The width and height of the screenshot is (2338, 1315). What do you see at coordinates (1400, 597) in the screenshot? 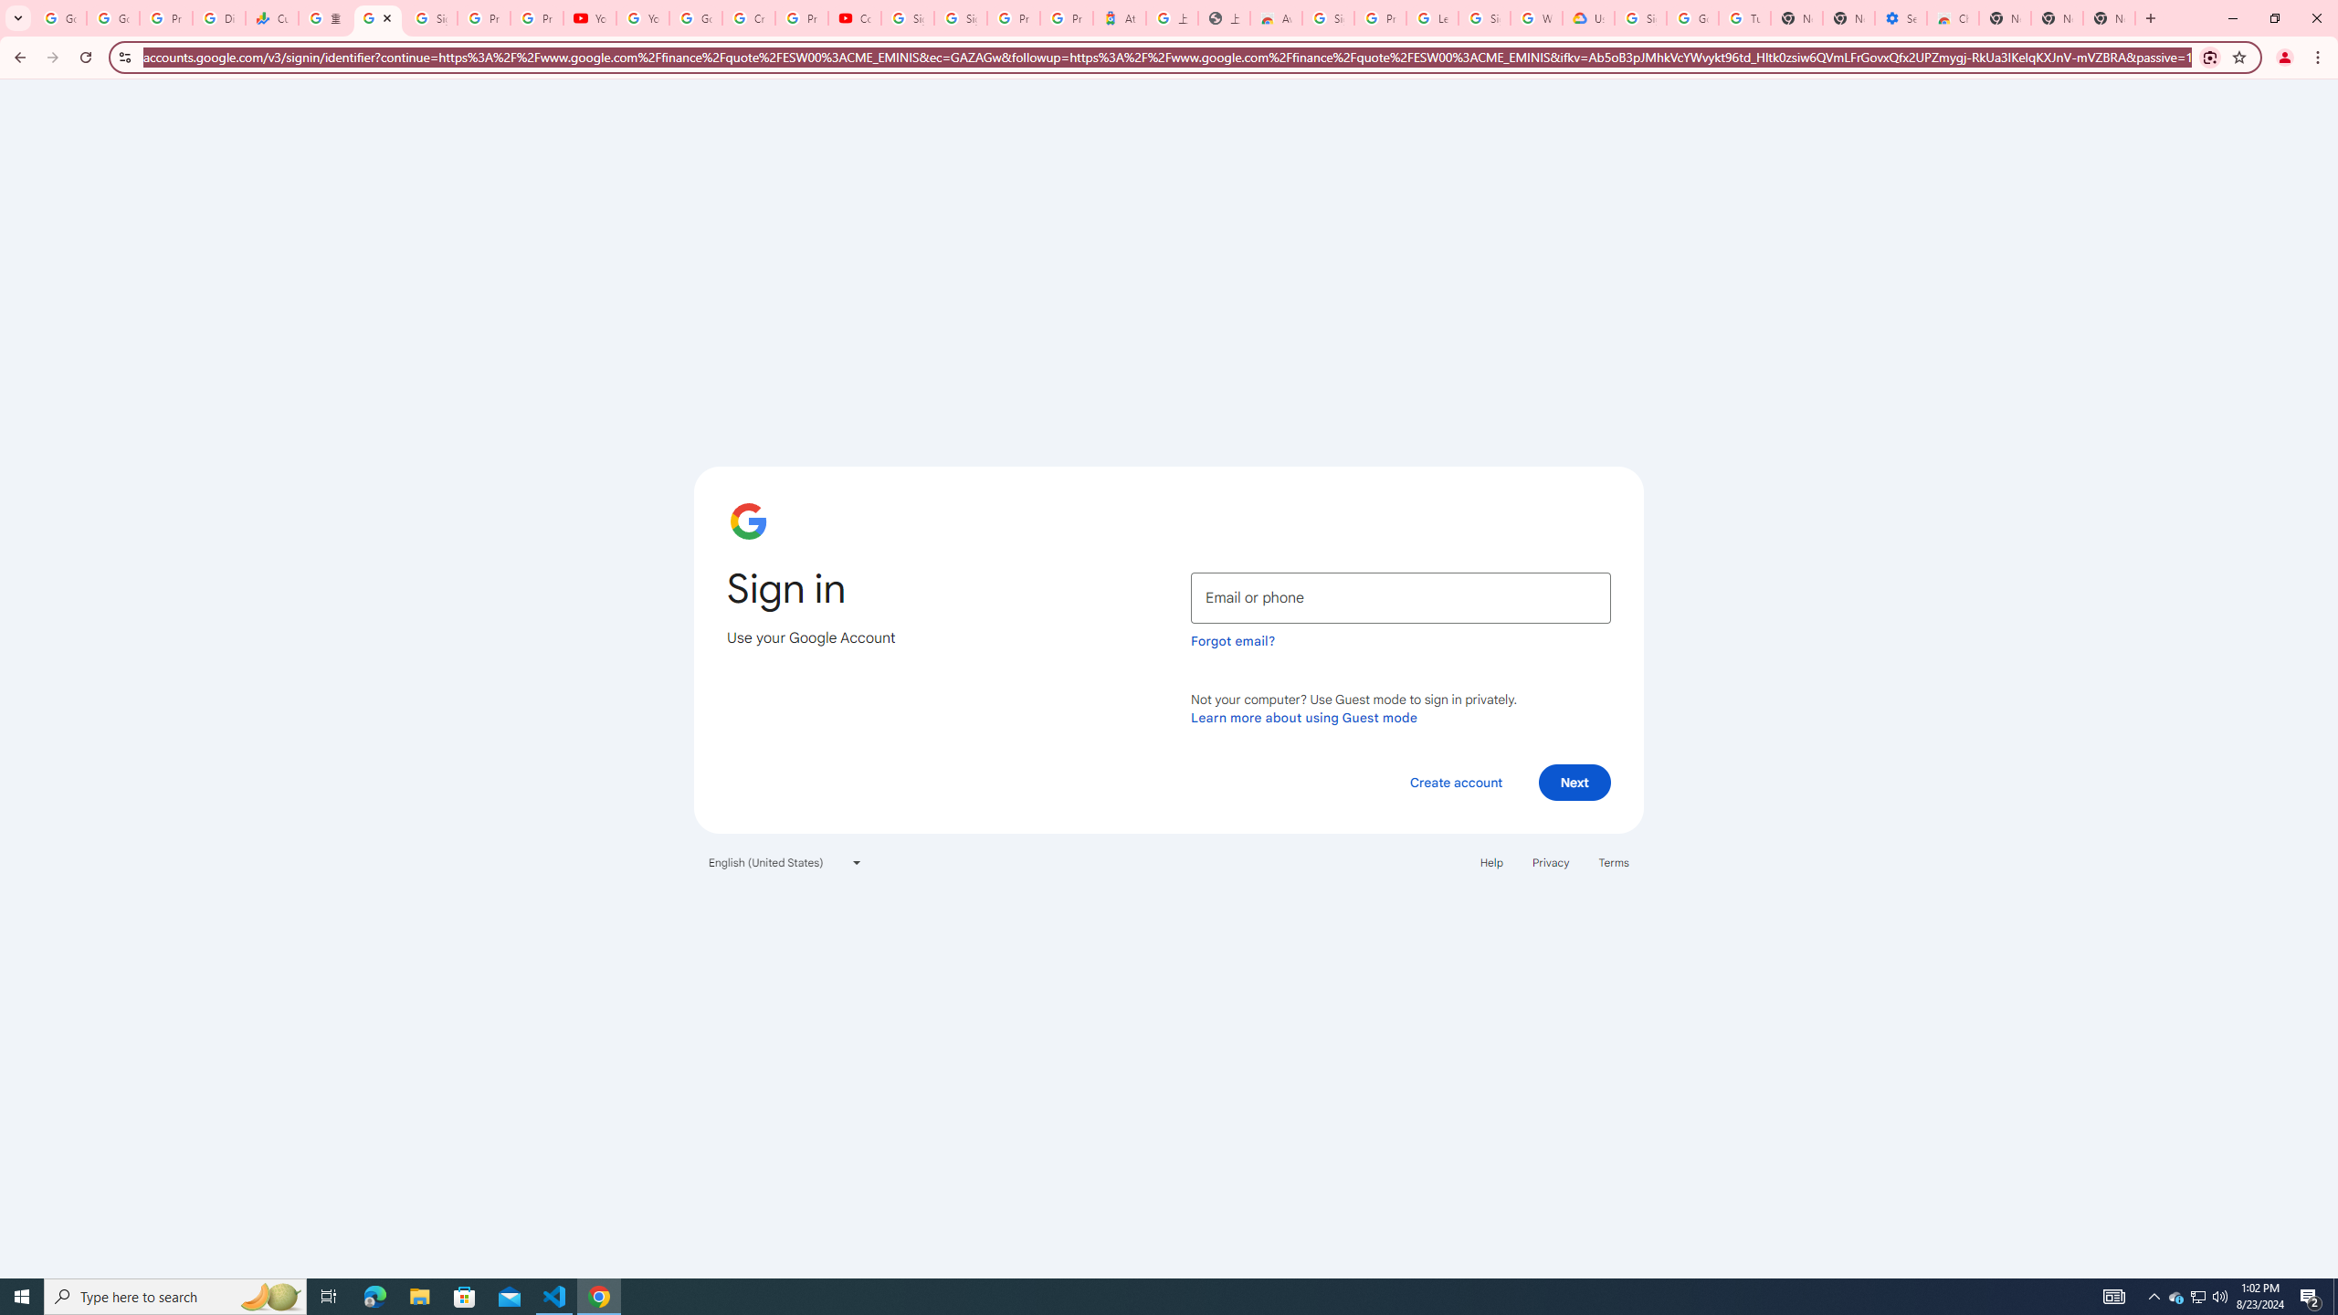
I see `'Email or phone'` at bounding box center [1400, 597].